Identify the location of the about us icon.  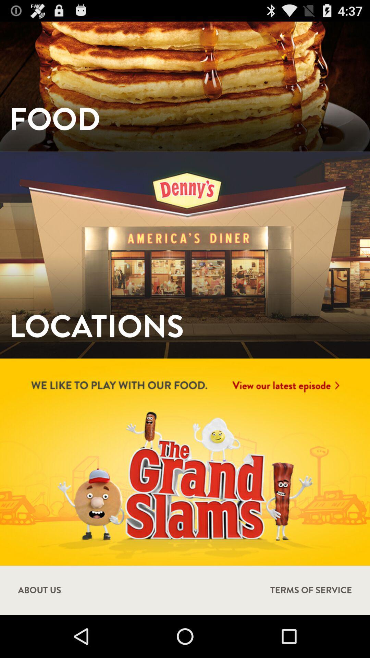
(39, 590).